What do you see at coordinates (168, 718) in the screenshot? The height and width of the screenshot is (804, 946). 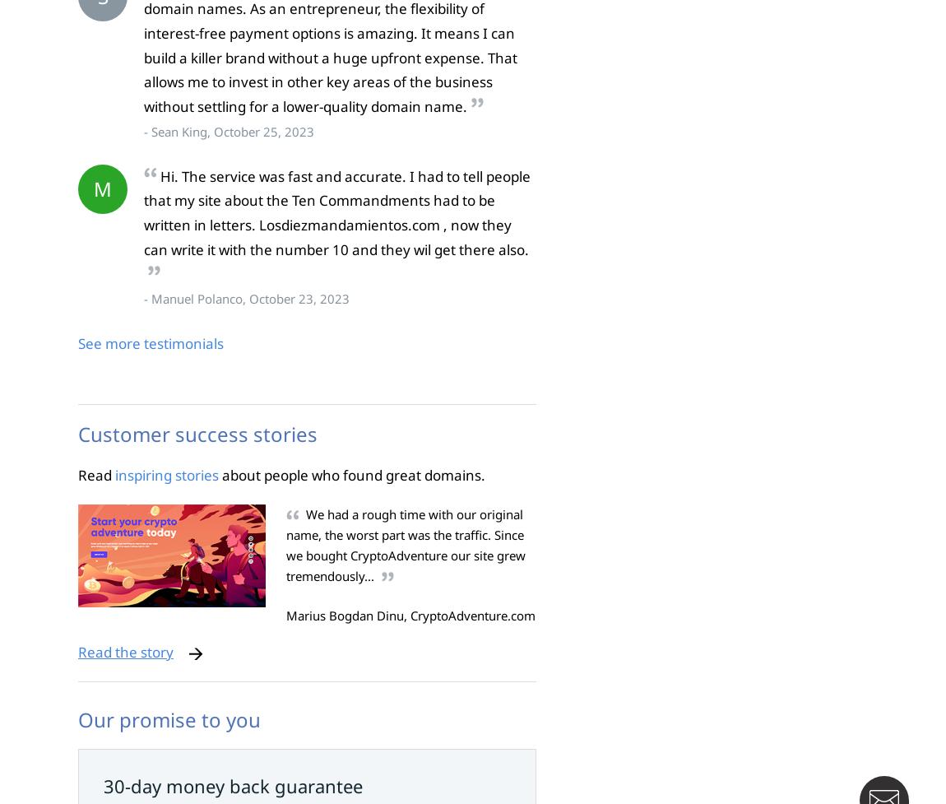 I see `'Our promise to you'` at bounding box center [168, 718].